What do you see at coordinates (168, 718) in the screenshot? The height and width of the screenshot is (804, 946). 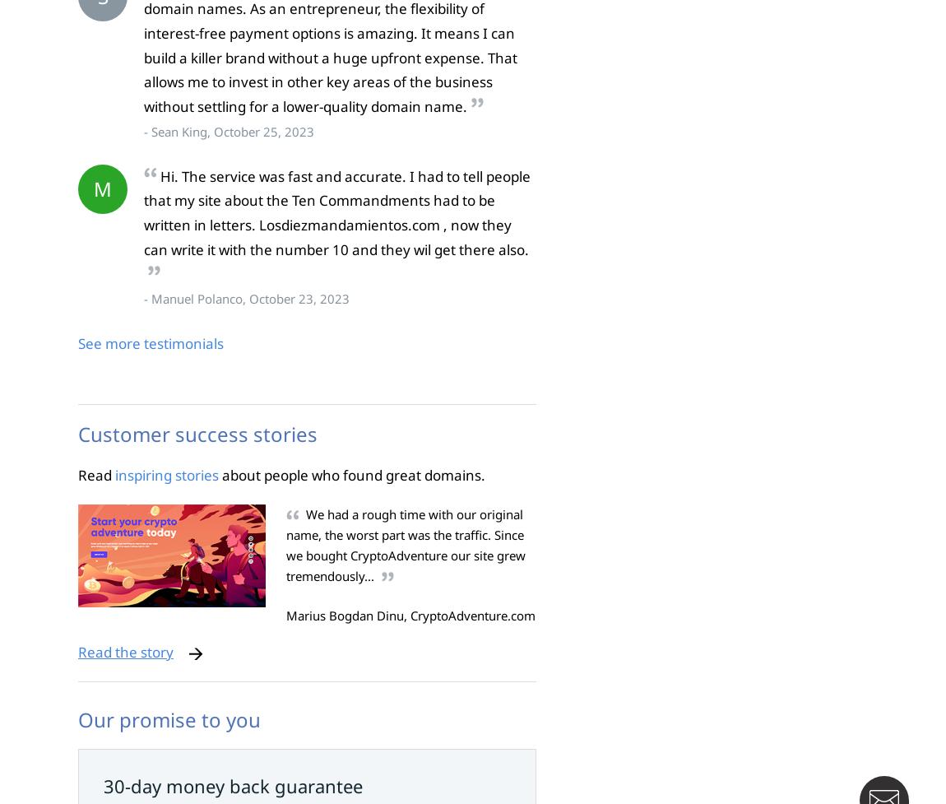 I see `'Our promise to you'` at bounding box center [168, 718].